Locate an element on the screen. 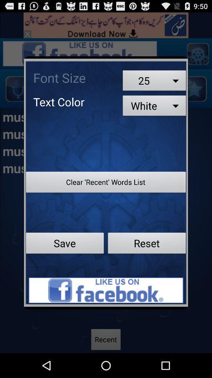 This screenshot has height=378, width=212. advertisement is located at coordinates (106, 290).